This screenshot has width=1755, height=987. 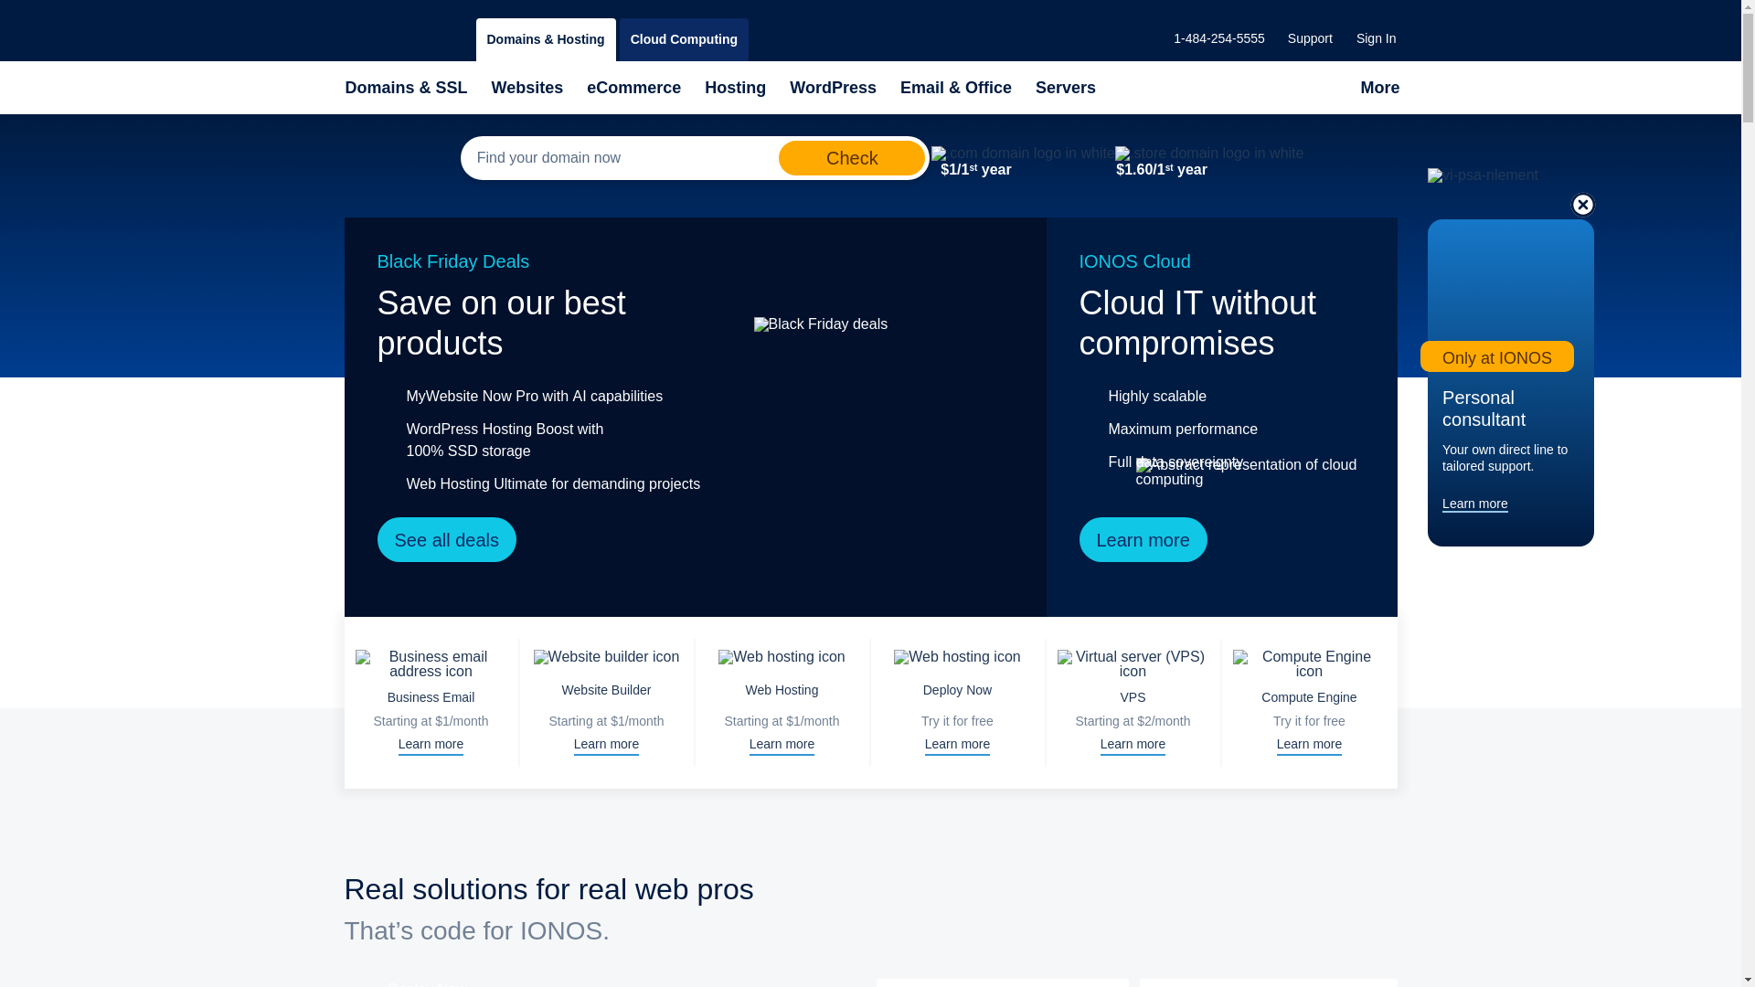 I want to click on 'Sign In', so click(x=1377, y=38).